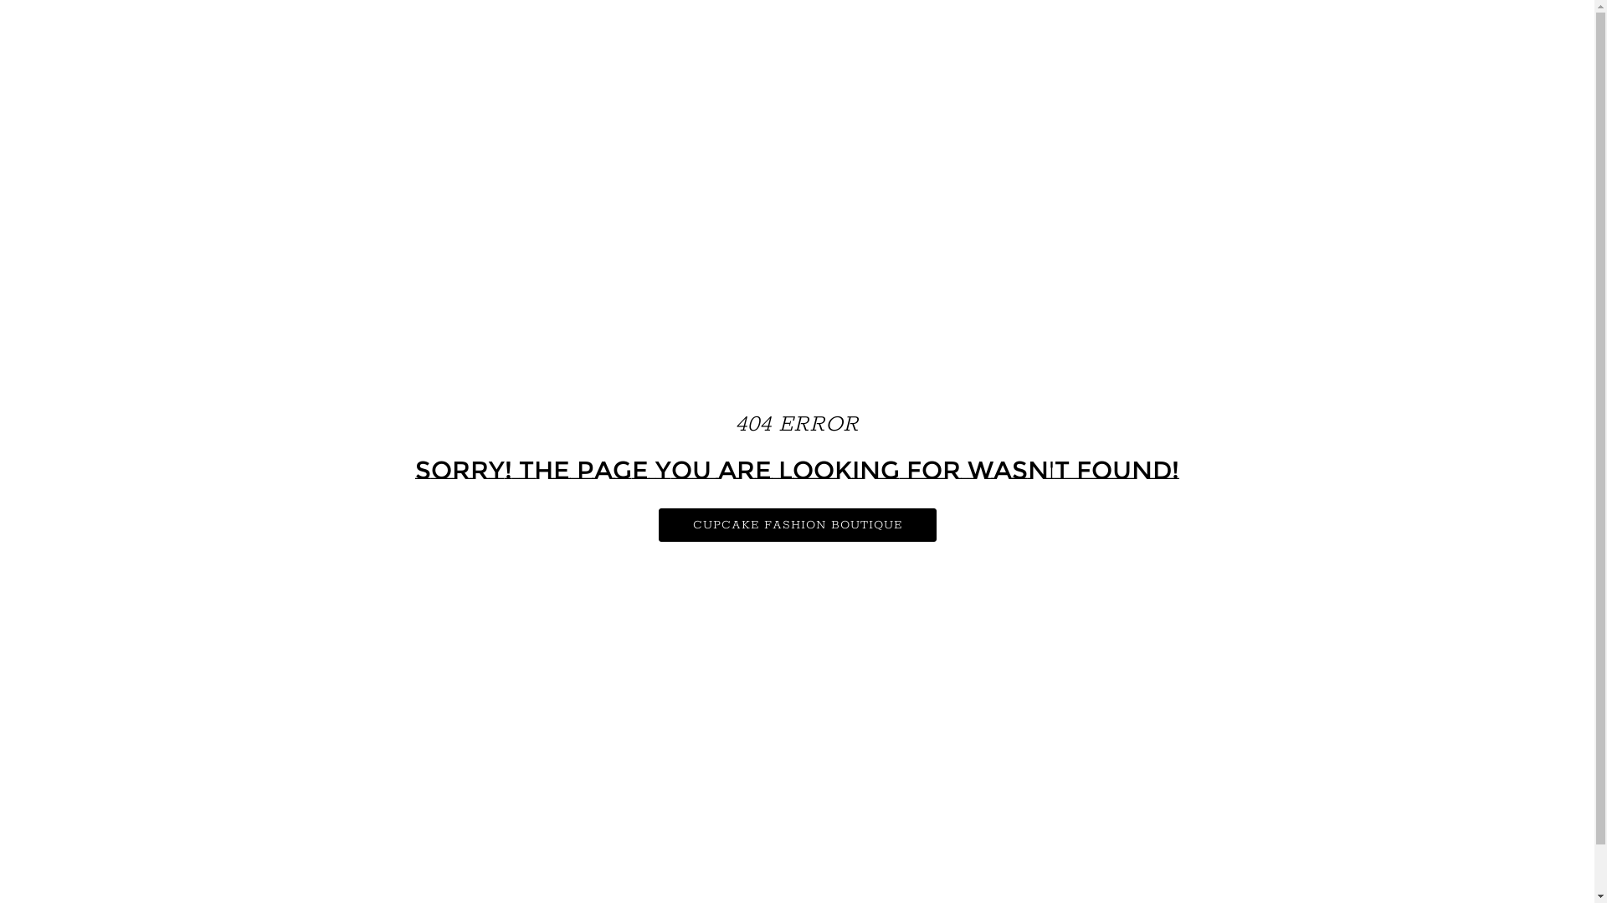 Image resolution: width=1607 pixels, height=903 pixels. What do you see at coordinates (795, 524) in the screenshot?
I see `'CUPCAKE FASHION BOUTIQUE'` at bounding box center [795, 524].